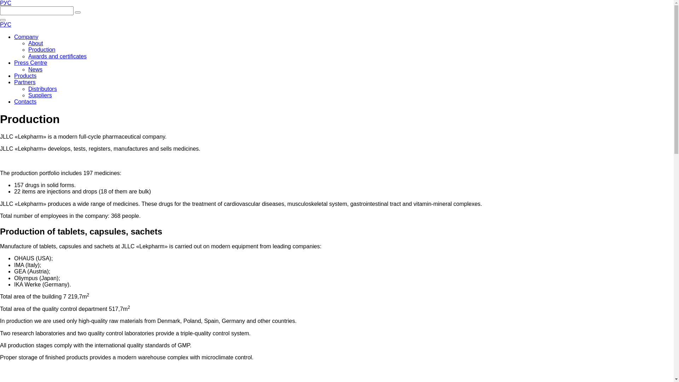  Describe the element at coordinates (35, 43) in the screenshot. I see `'About'` at that location.